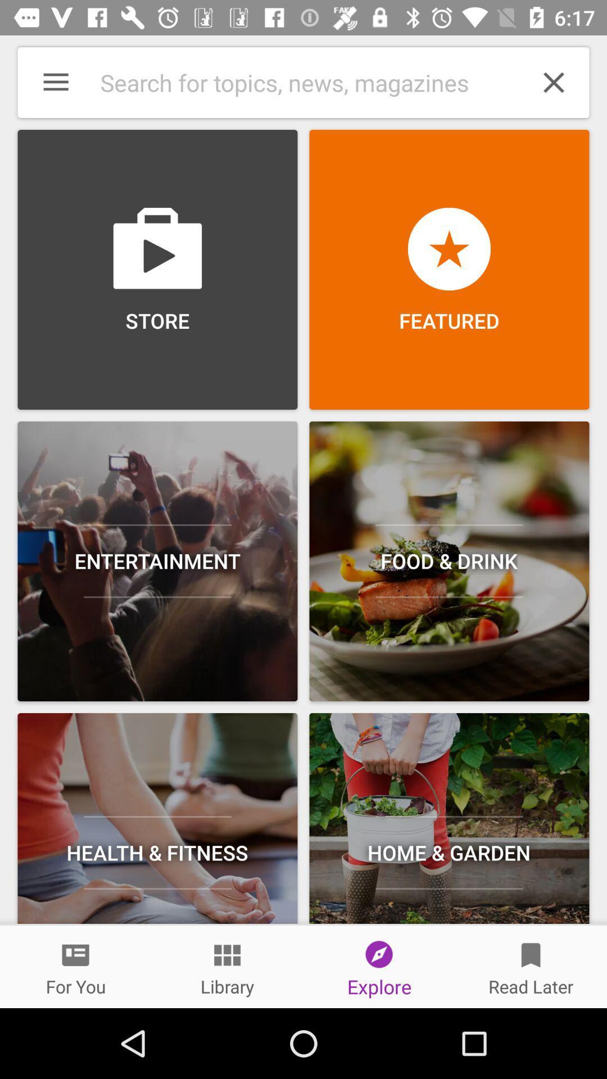  Describe the element at coordinates (449, 248) in the screenshot. I see `the star button above featured` at that location.